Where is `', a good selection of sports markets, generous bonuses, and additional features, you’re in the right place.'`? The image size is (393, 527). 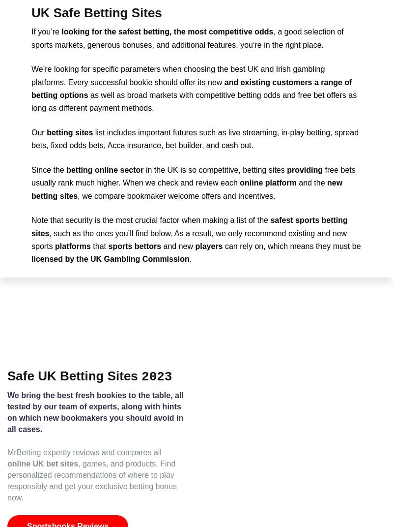 ', a good selection of sports markets, generous bonuses, and additional features, you’re in the right place.' is located at coordinates (187, 37).